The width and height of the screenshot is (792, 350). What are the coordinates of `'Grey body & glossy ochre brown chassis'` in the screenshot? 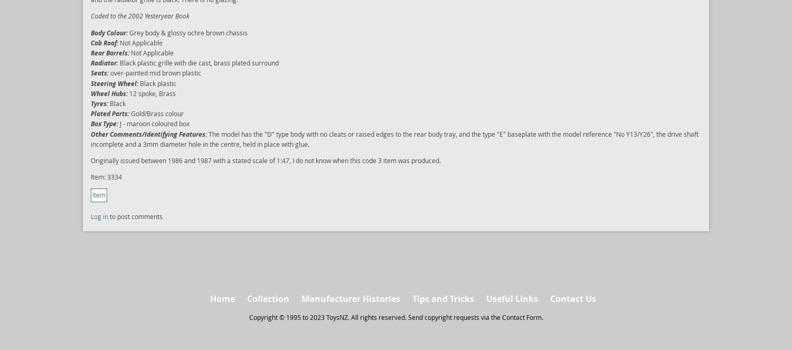 It's located at (187, 31).